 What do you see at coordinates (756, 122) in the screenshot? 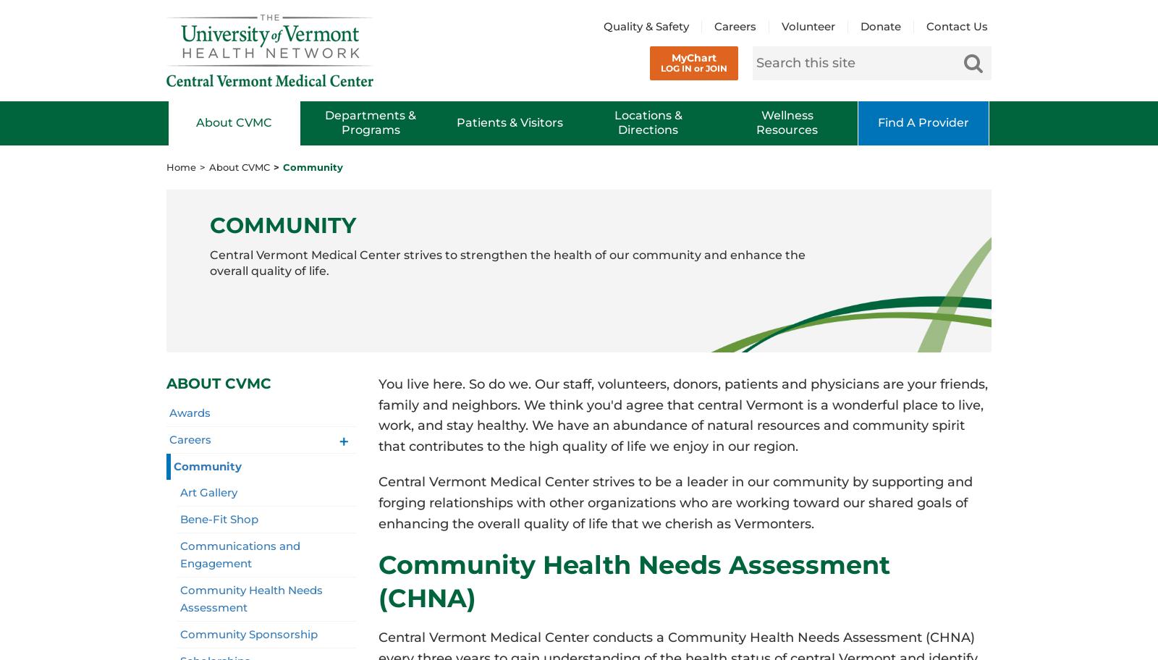
I see `'Wellness Resources'` at bounding box center [756, 122].